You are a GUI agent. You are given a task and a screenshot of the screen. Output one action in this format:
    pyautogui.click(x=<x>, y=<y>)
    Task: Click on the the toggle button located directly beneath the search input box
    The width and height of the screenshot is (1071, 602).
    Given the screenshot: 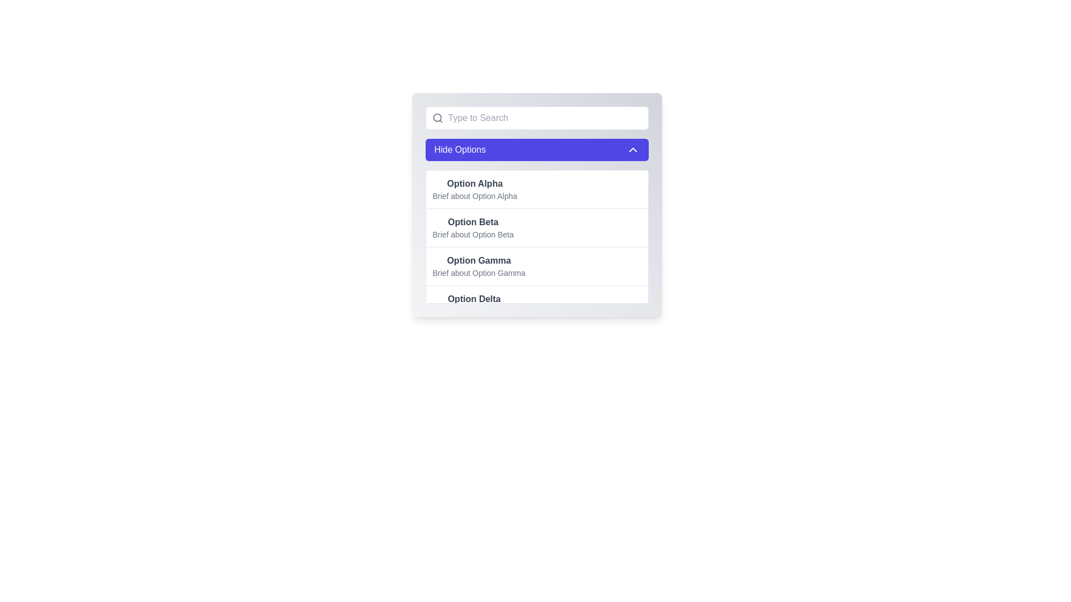 What is the action you would take?
    pyautogui.click(x=537, y=149)
    